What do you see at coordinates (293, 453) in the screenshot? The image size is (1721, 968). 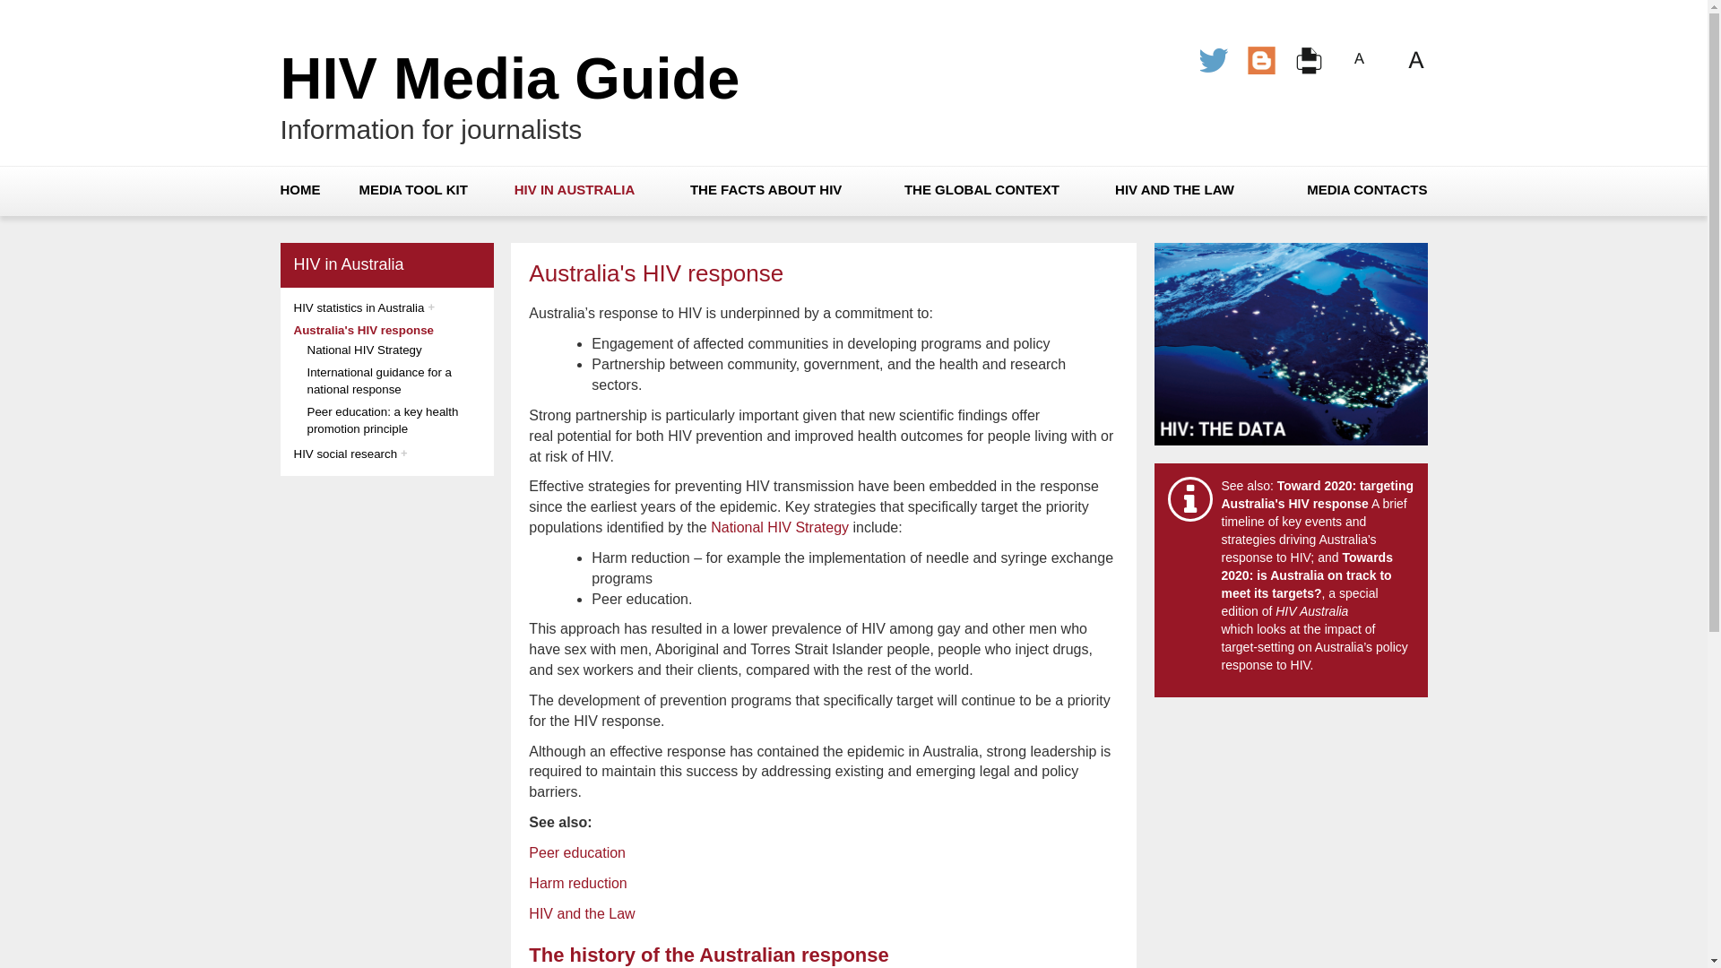 I see `'HIV social research'` at bounding box center [293, 453].